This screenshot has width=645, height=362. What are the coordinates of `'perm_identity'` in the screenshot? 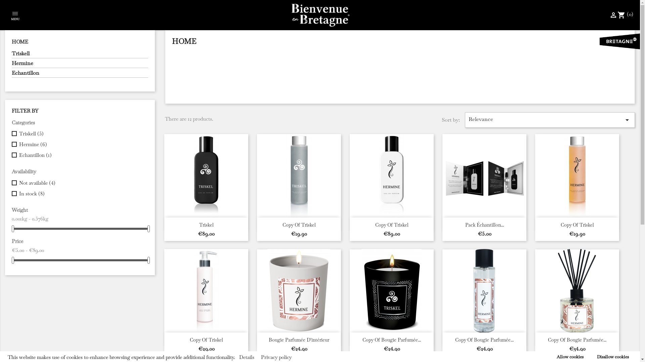 It's located at (613, 14).